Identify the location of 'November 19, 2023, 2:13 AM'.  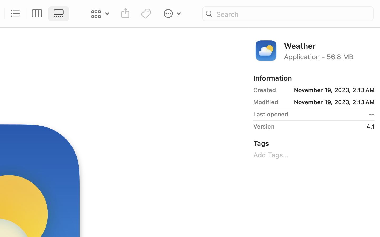
(327, 90).